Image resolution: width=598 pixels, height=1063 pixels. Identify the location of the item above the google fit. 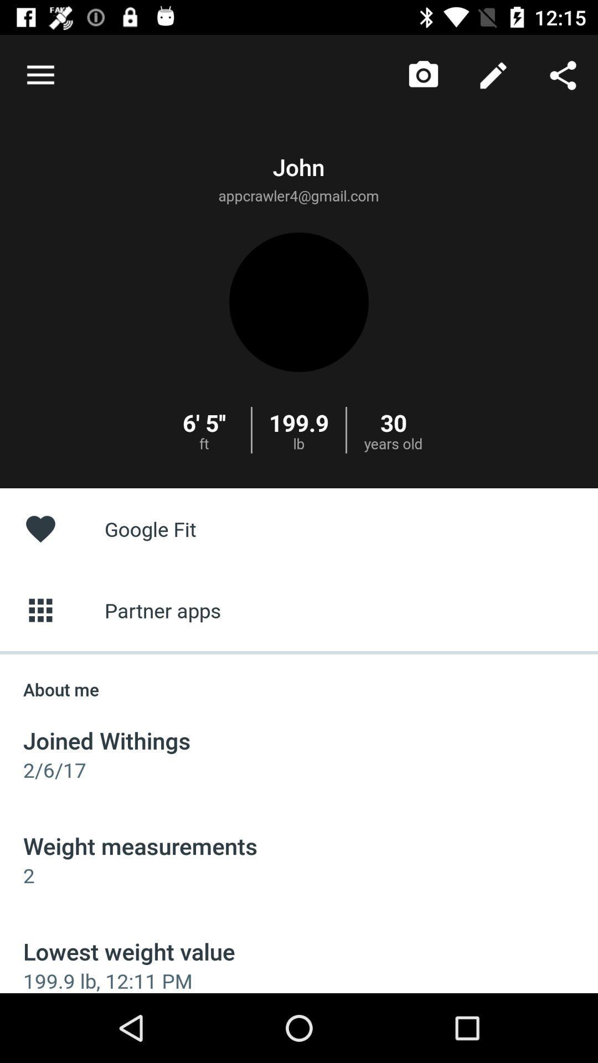
(40, 75).